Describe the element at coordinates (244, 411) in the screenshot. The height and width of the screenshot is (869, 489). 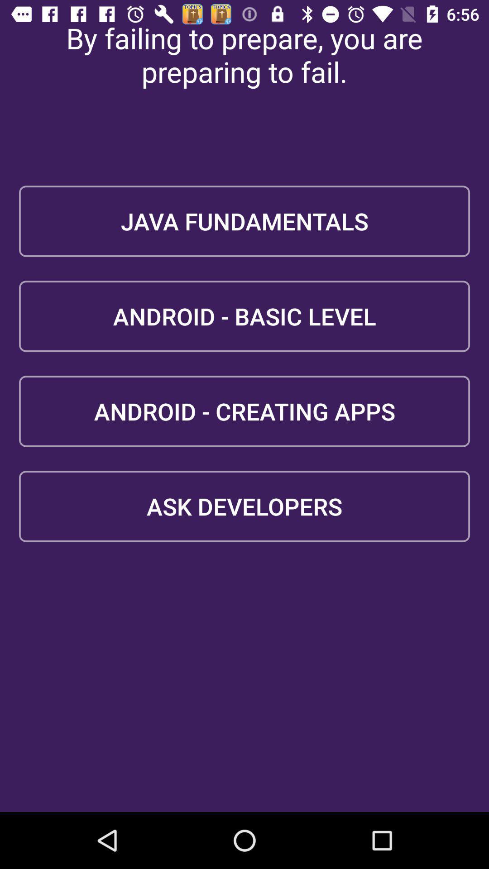
I see `item below android - basic level item` at that location.